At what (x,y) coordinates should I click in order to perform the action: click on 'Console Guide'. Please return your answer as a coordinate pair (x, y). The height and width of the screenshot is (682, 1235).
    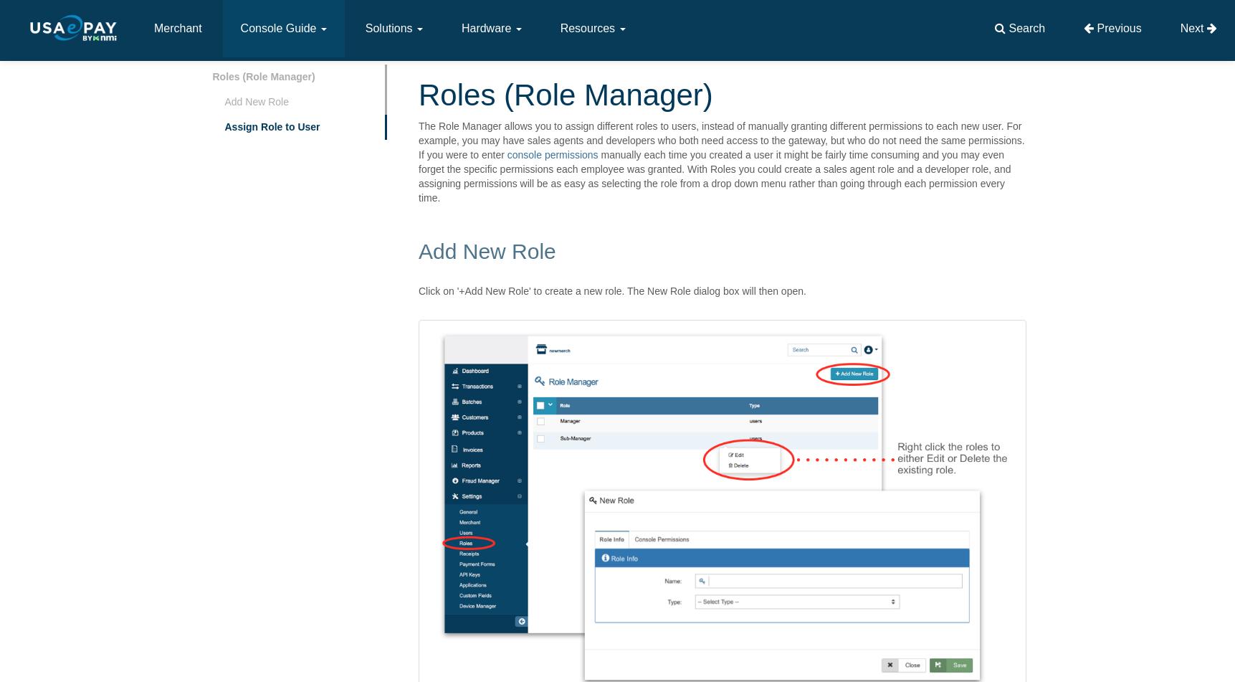
    Looking at the image, I should click on (278, 28).